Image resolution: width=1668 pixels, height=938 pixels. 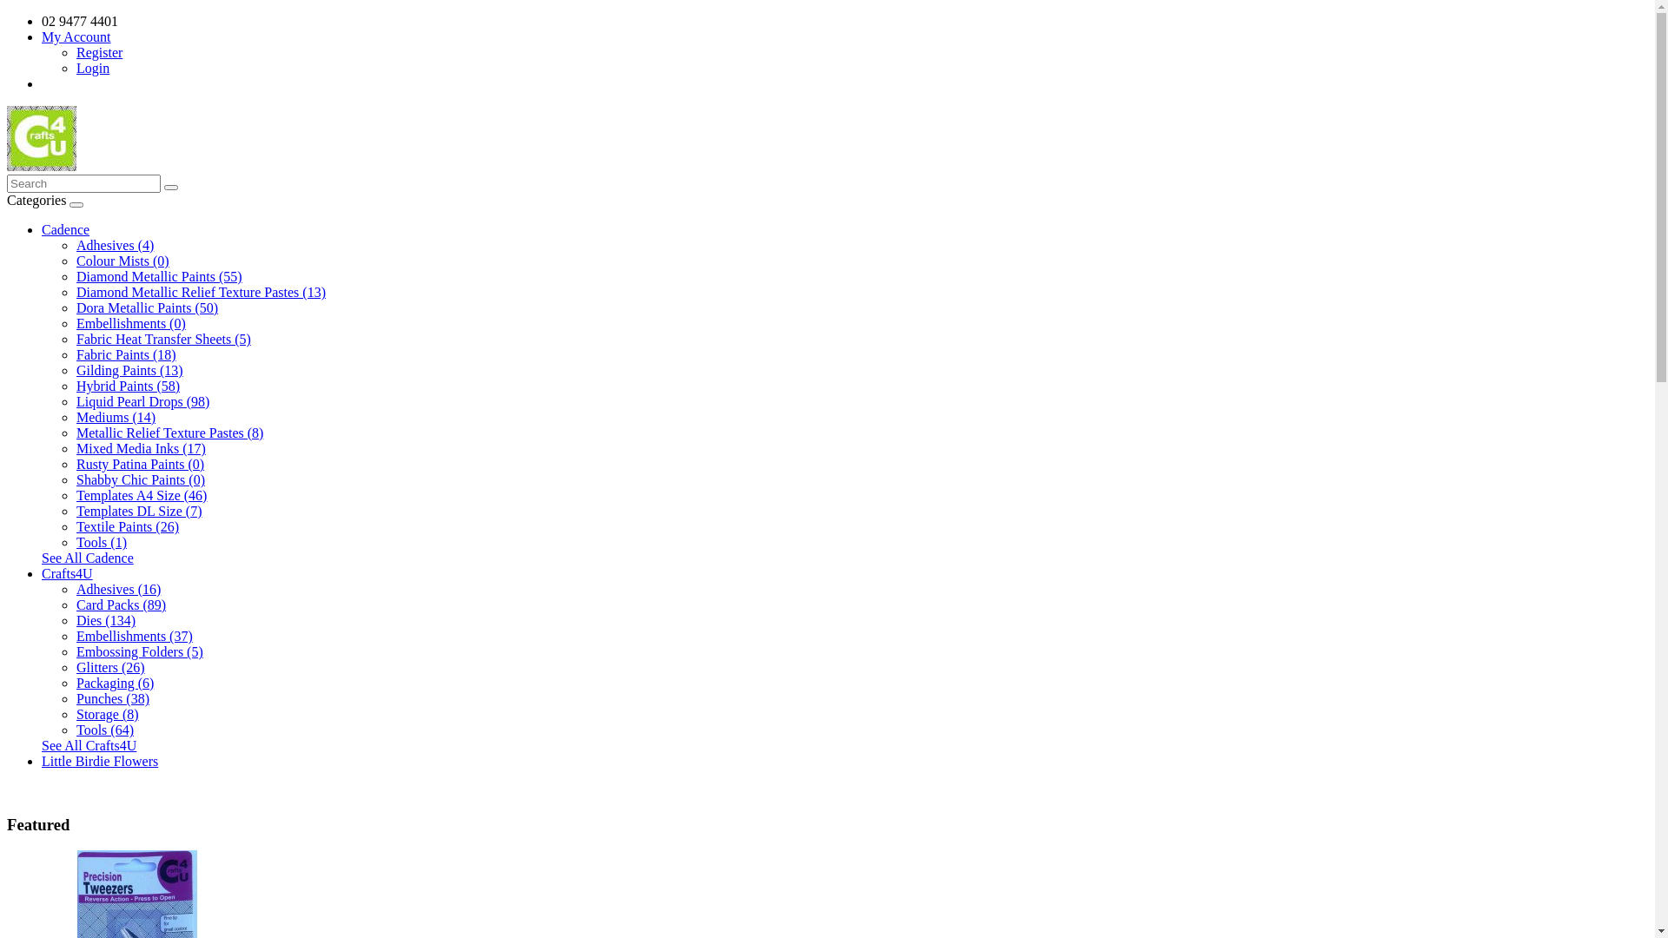 I want to click on 'Liquid Pearl Drops (98)', so click(x=142, y=401).